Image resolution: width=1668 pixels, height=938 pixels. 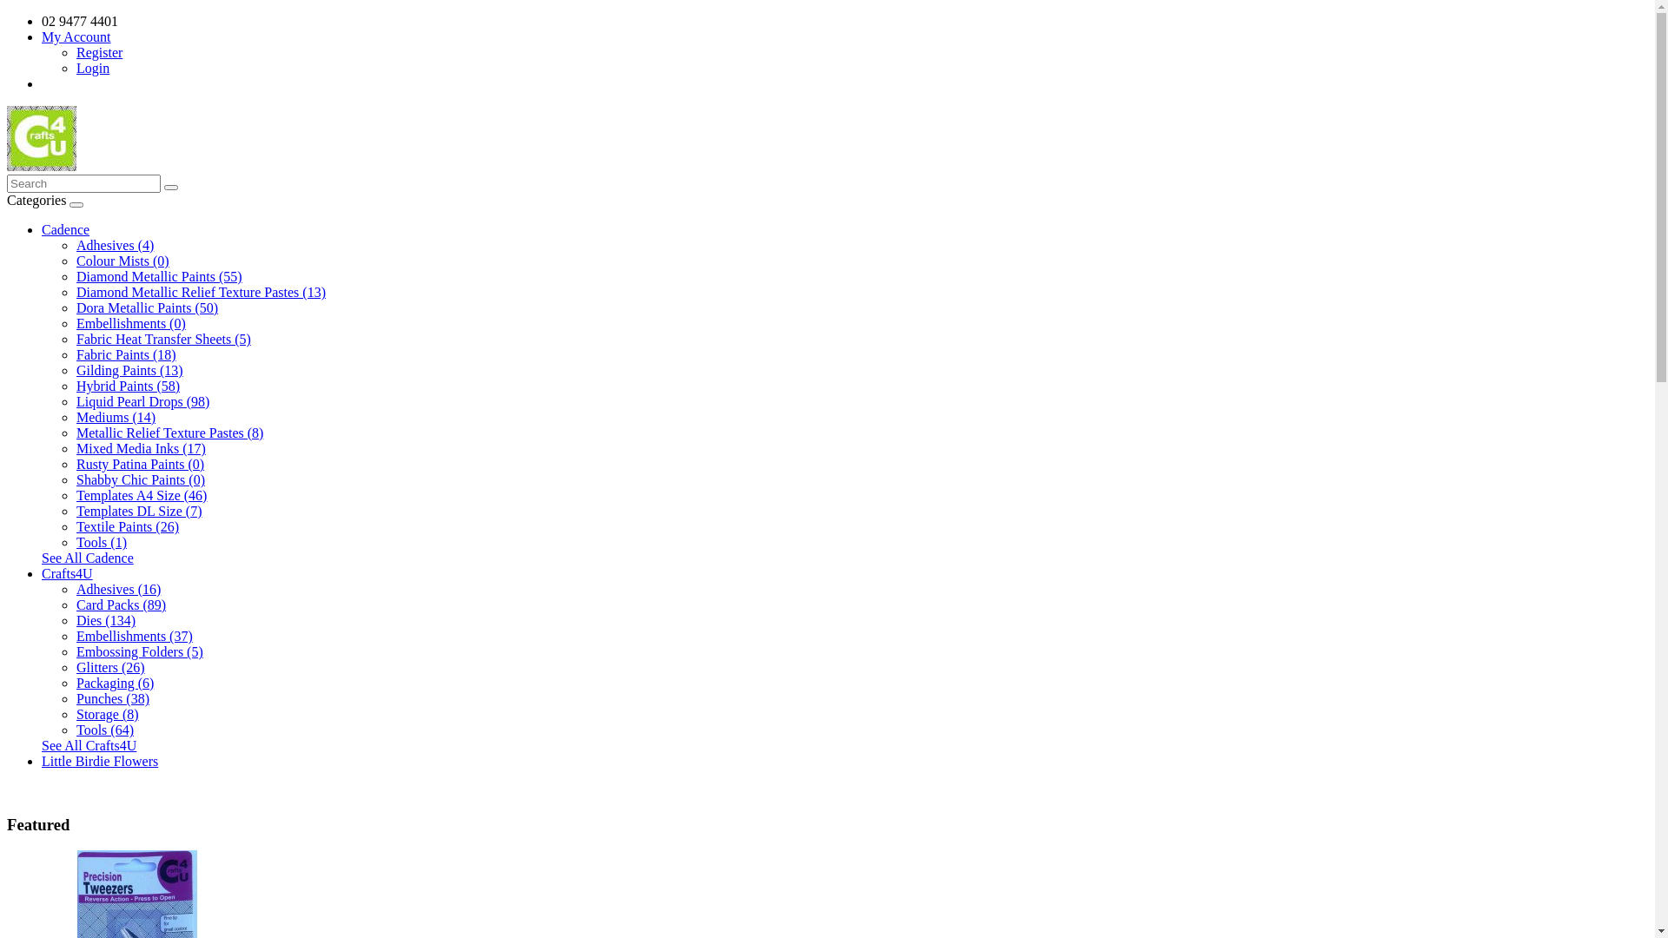 I want to click on 'Liquid Pearl Drops (98)', so click(x=142, y=401).